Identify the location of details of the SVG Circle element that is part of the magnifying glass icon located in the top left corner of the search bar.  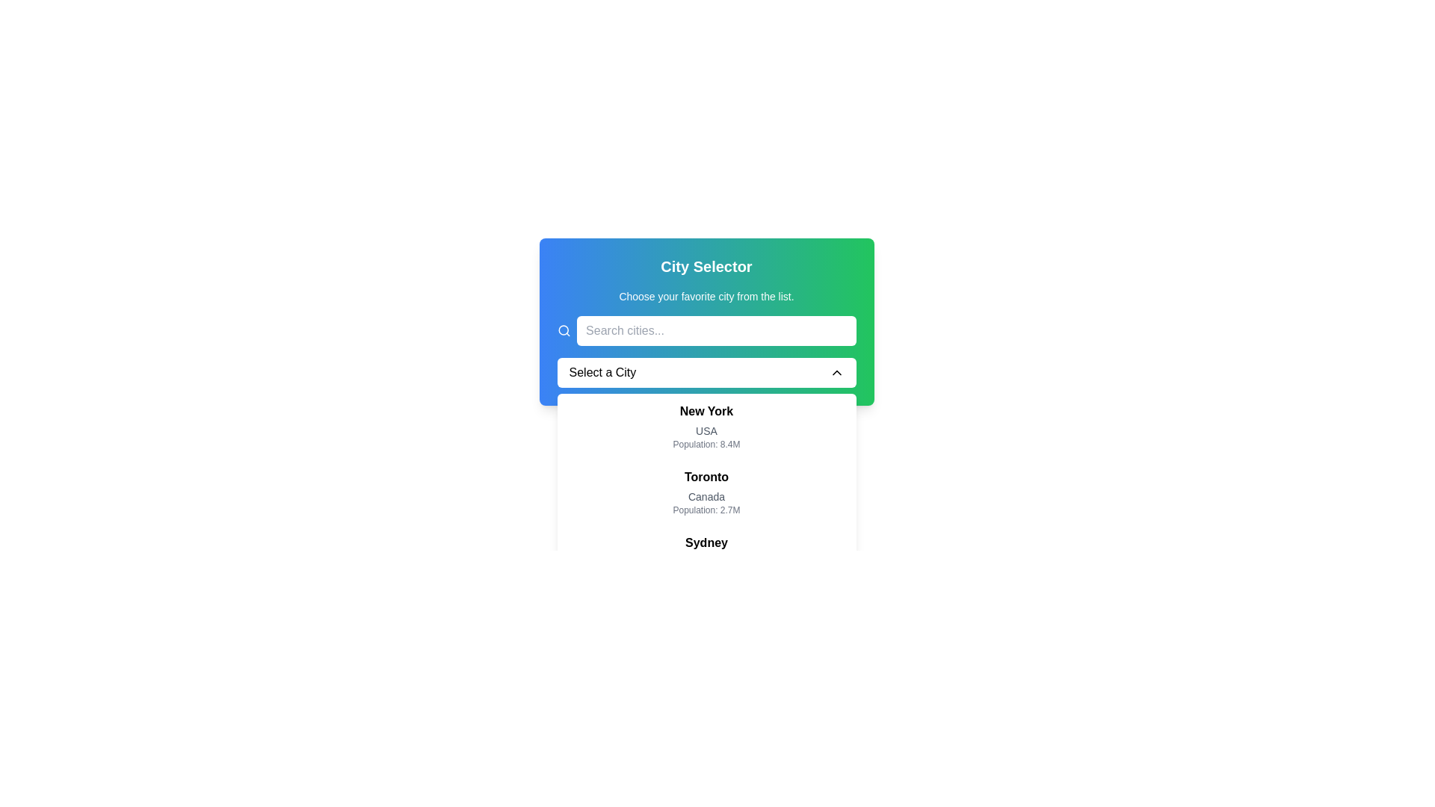
(562, 330).